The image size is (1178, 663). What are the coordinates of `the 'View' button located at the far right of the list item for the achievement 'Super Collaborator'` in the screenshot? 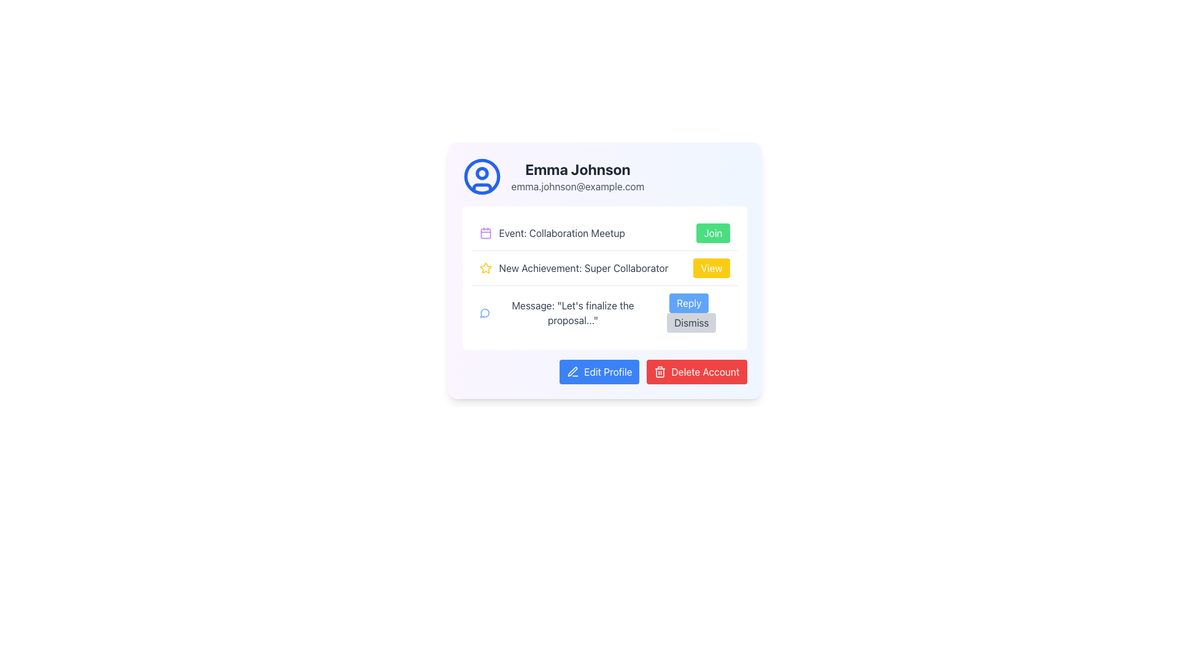 It's located at (712, 267).